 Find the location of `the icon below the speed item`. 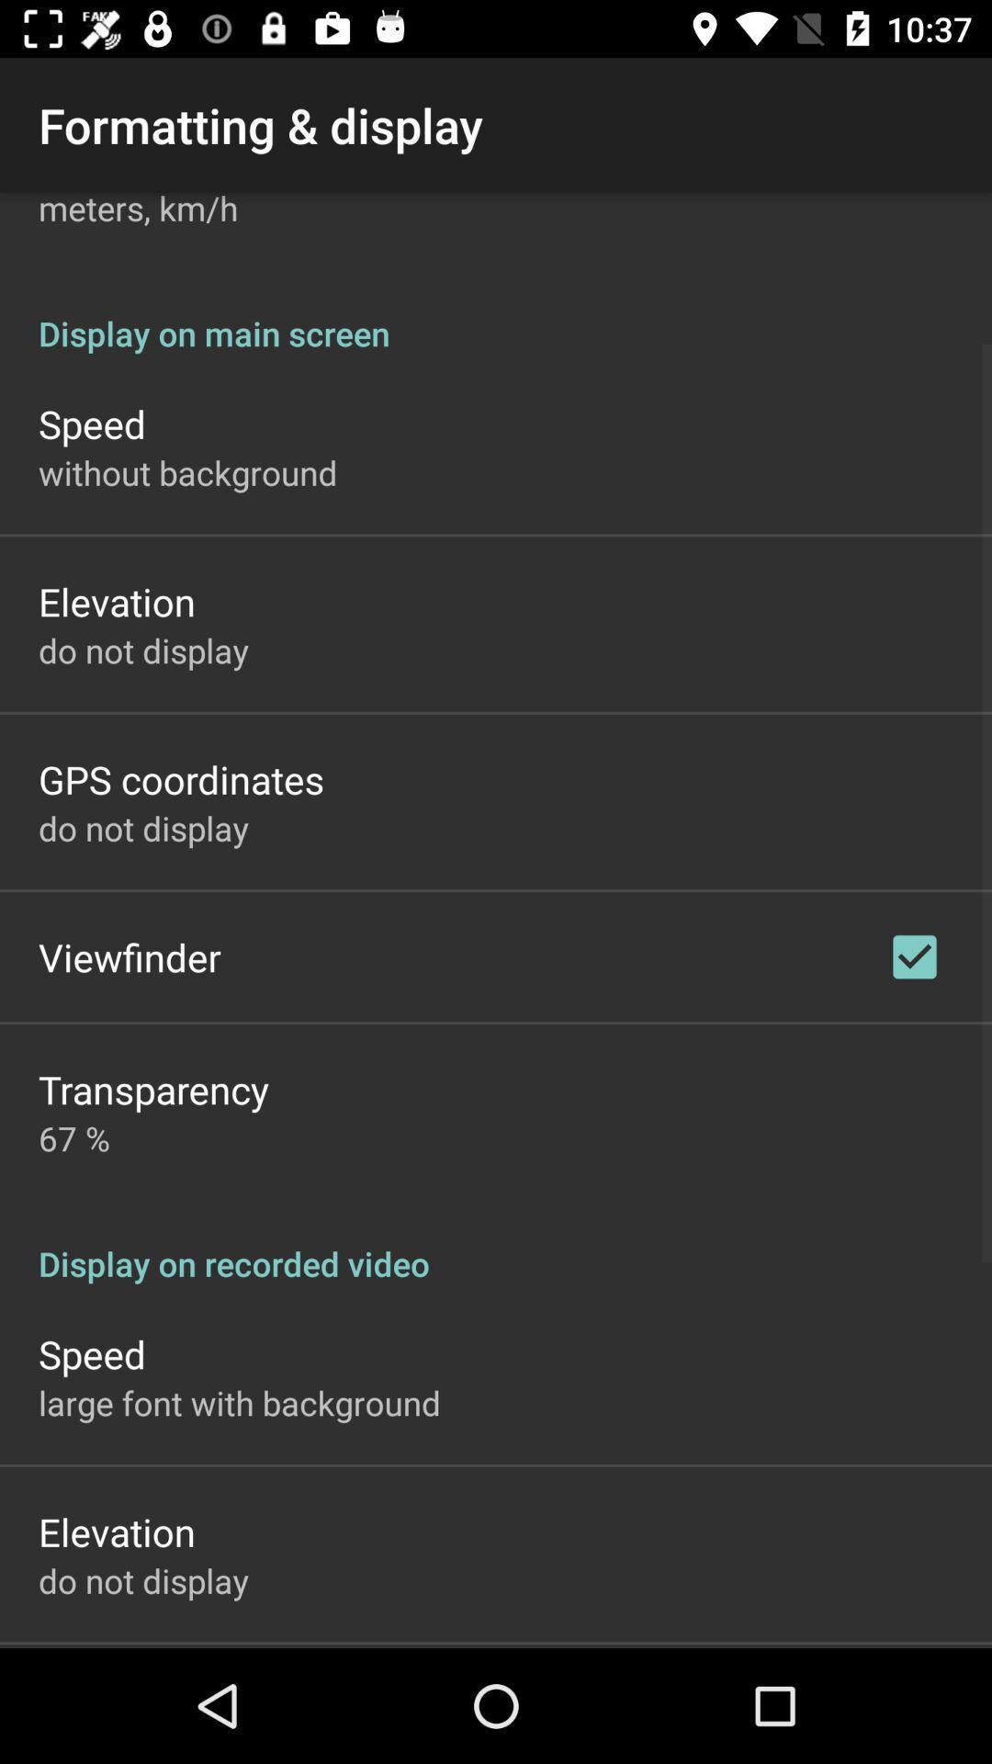

the icon below the speed item is located at coordinates (187, 472).